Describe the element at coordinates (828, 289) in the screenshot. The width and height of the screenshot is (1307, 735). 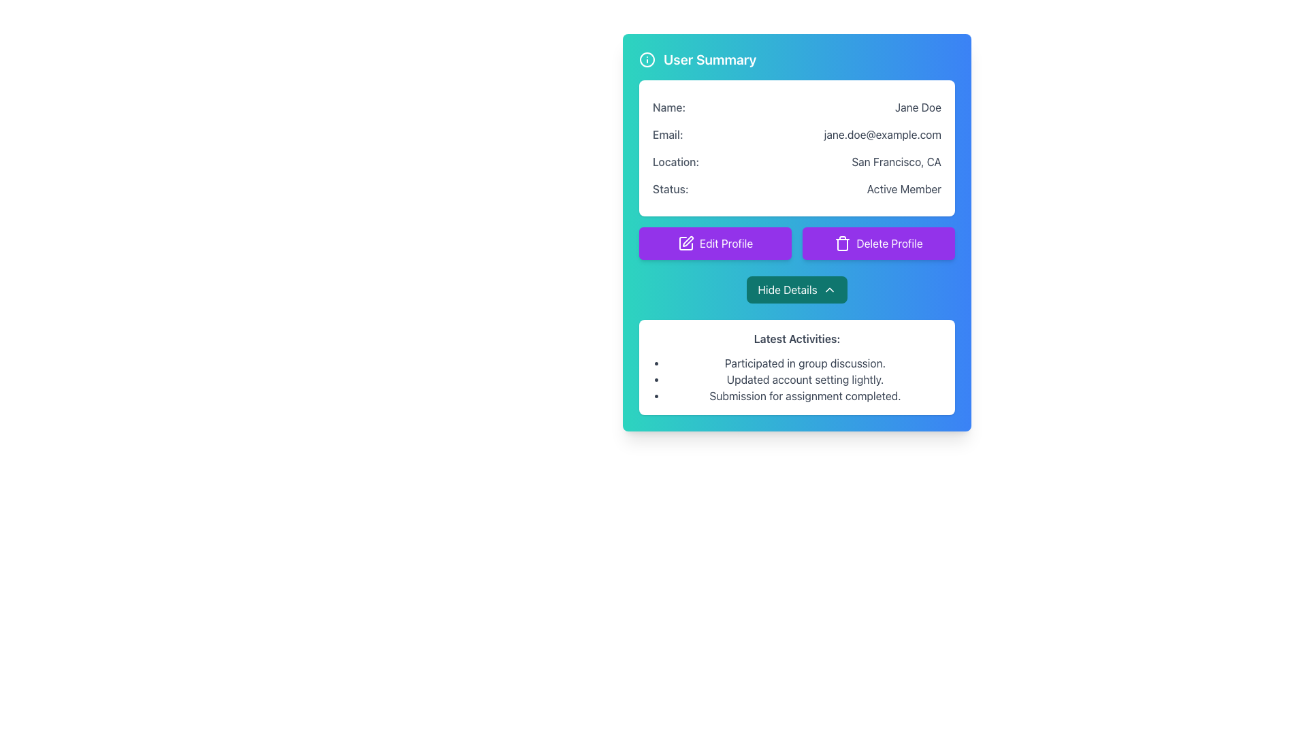
I see `the upward arrow icon within the 'Hide Details' button, which is located below the 'Edit Profile' and 'Delete Profile' buttons` at that location.